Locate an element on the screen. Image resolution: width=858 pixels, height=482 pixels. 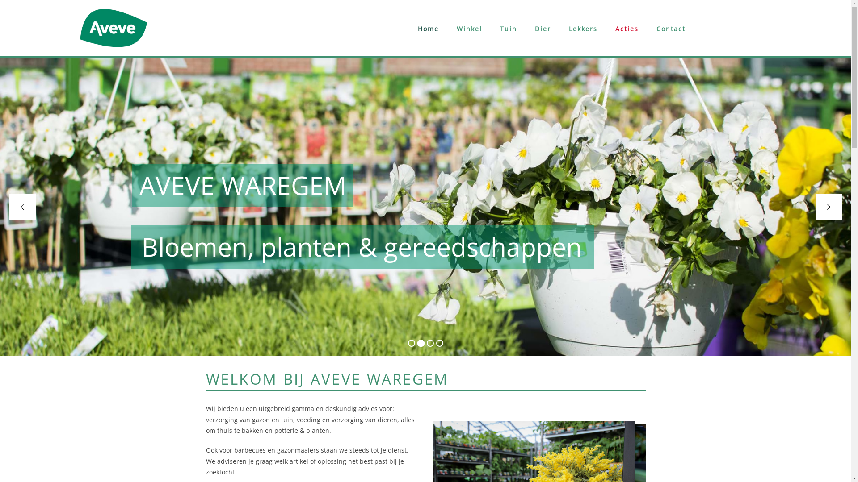
'Contact' is located at coordinates (671, 29).